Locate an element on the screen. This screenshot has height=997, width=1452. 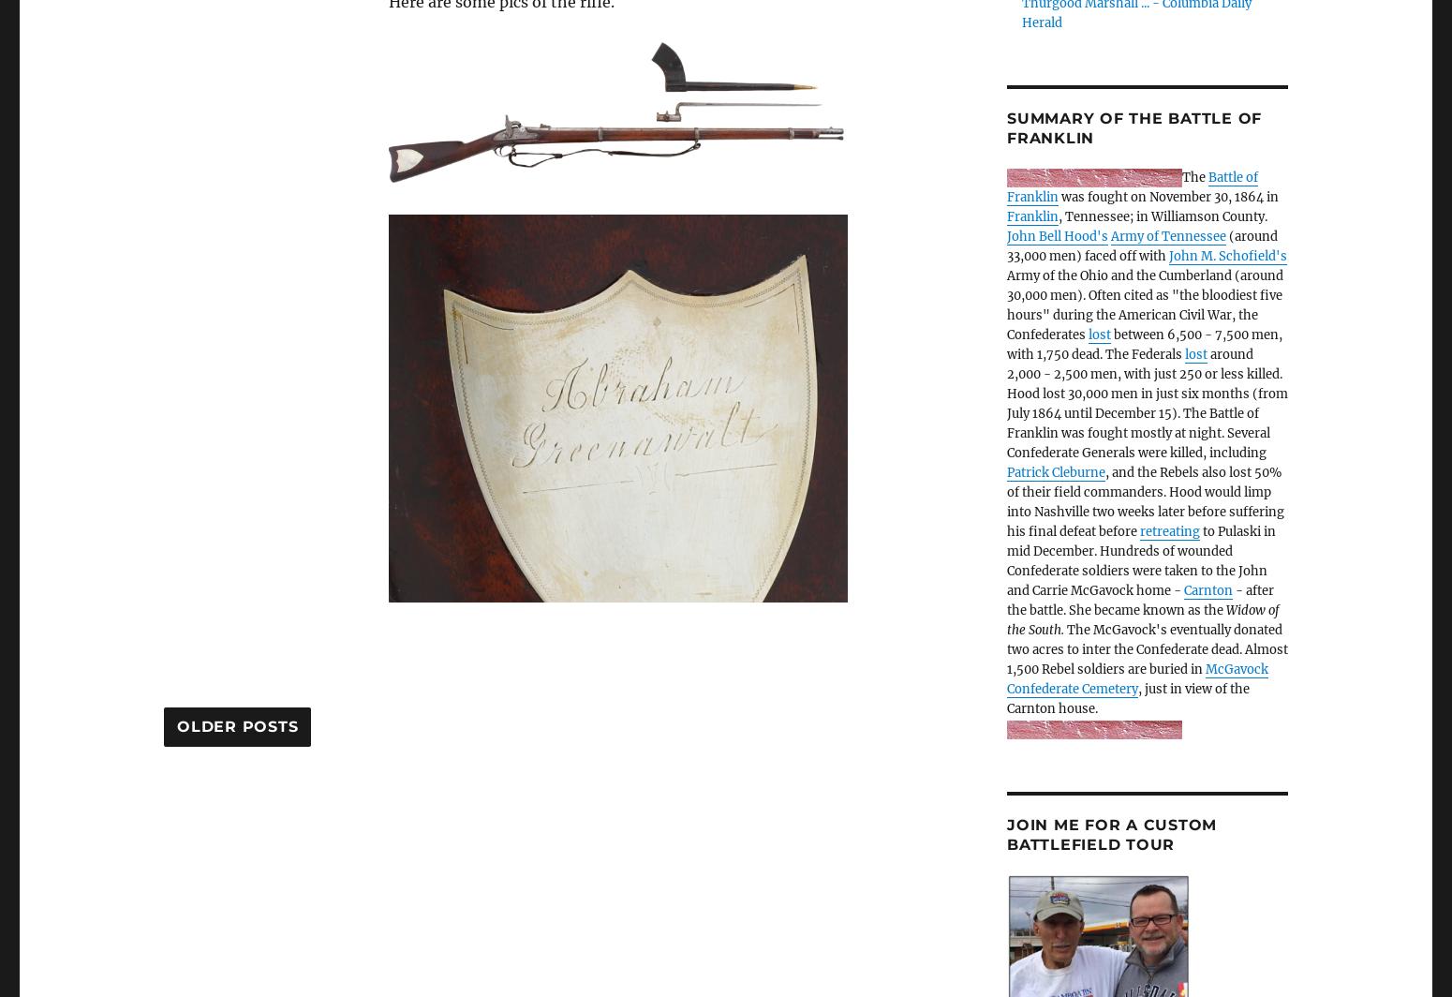
'was fought on November 30, 1864 in' is located at coordinates (1057, 197).